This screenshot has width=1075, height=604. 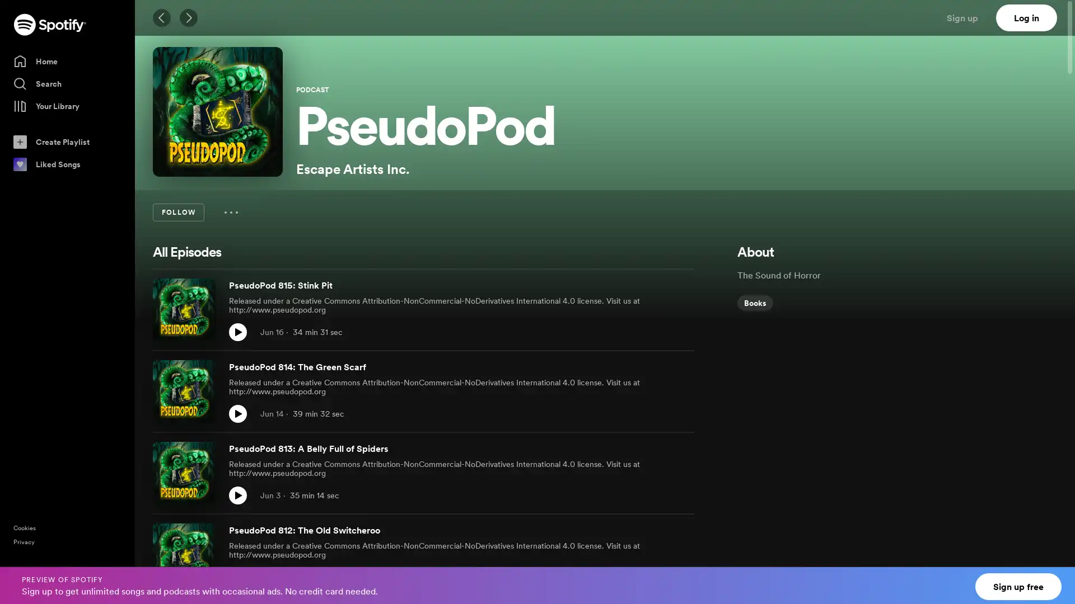 What do you see at coordinates (237, 332) in the screenshot?
I see `Play PseudoPod 815: Stink Pit by PseudoPod` at bounding box center [237, 332].